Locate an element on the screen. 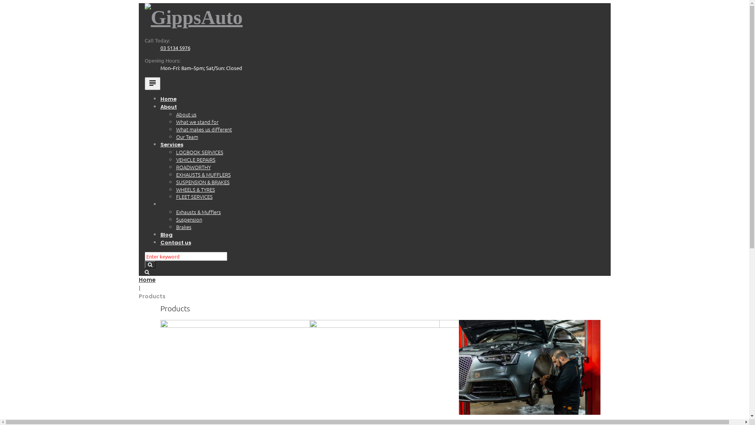 Image resolution: width=755 pixels, height=425 pixels. 'Exhausts & Mufflers' is located at coordinates (198, 211).